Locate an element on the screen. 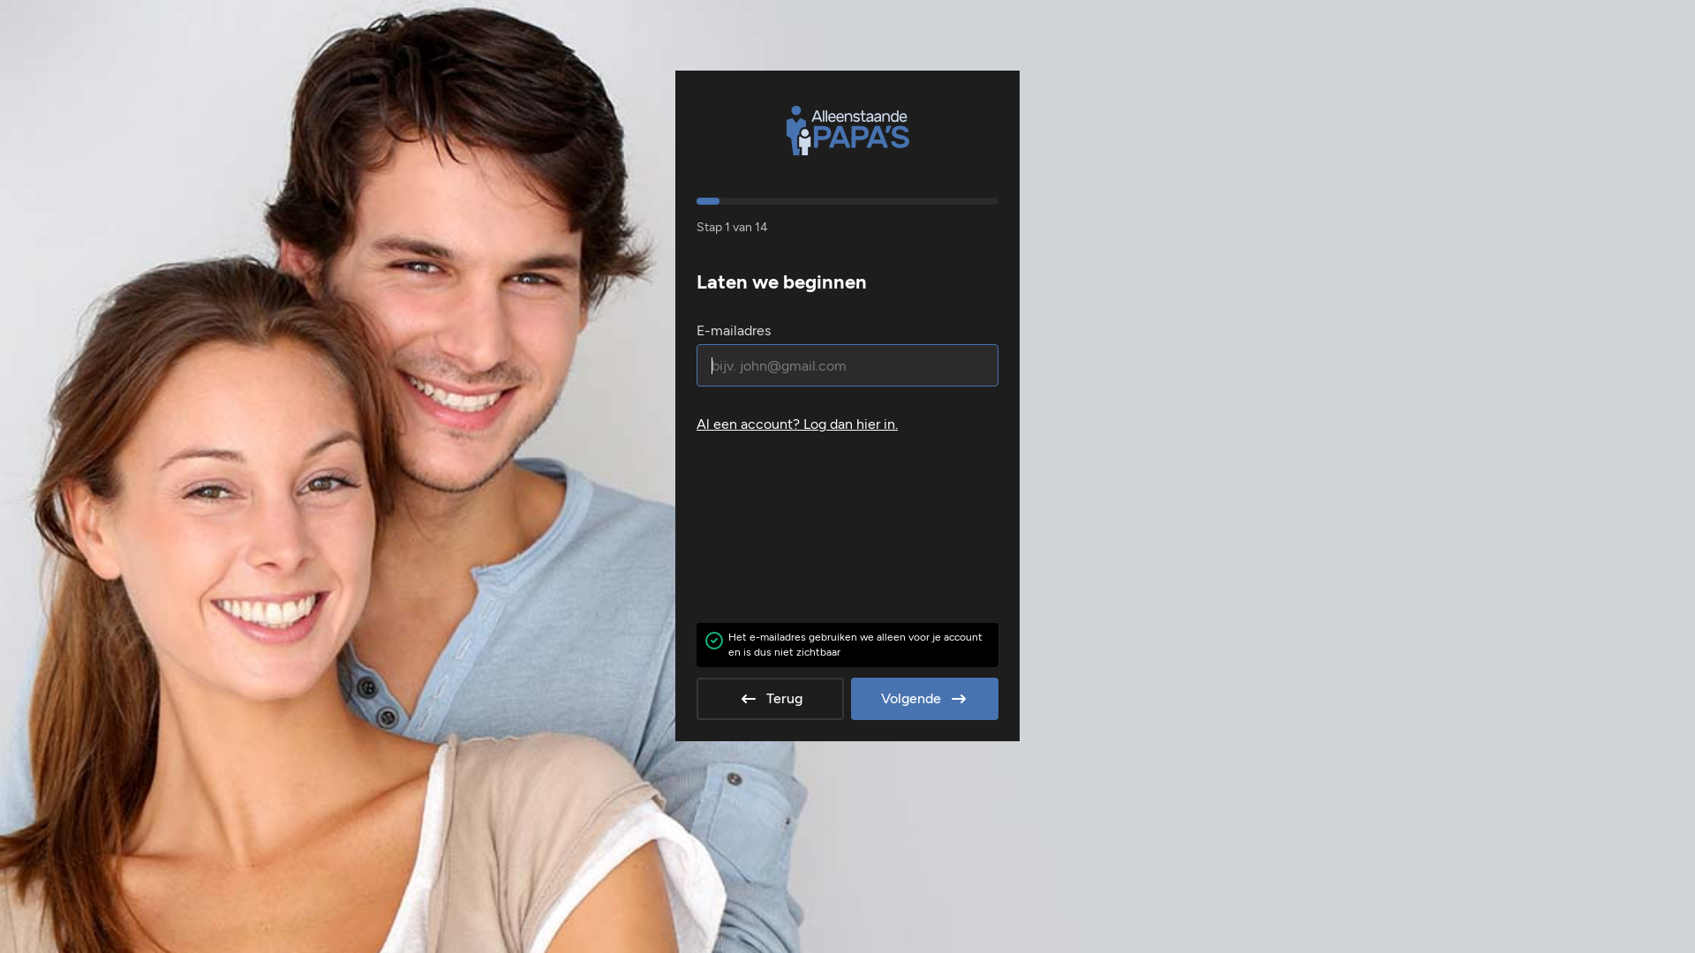 Image resolution: width=1695 pixels, height=953 pixels. 'Al een account? Log dan hier in.' is located at coordinates (847, 424).